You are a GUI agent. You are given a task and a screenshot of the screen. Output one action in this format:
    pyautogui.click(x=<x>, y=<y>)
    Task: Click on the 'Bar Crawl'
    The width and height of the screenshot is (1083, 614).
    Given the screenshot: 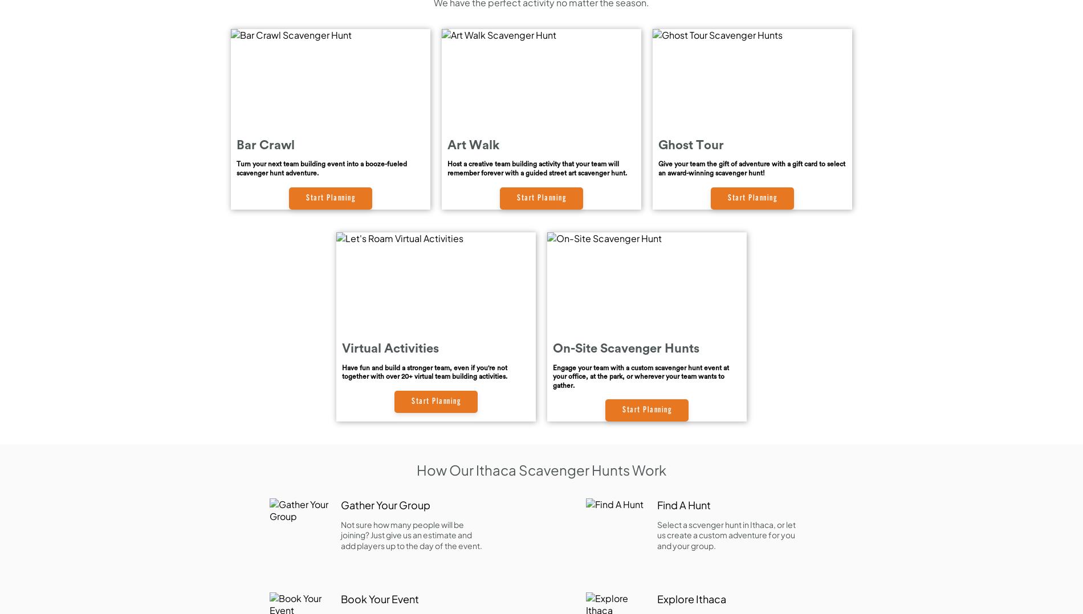 What is the action you would take?
    pyautogui.click(x=265, y=144)
    